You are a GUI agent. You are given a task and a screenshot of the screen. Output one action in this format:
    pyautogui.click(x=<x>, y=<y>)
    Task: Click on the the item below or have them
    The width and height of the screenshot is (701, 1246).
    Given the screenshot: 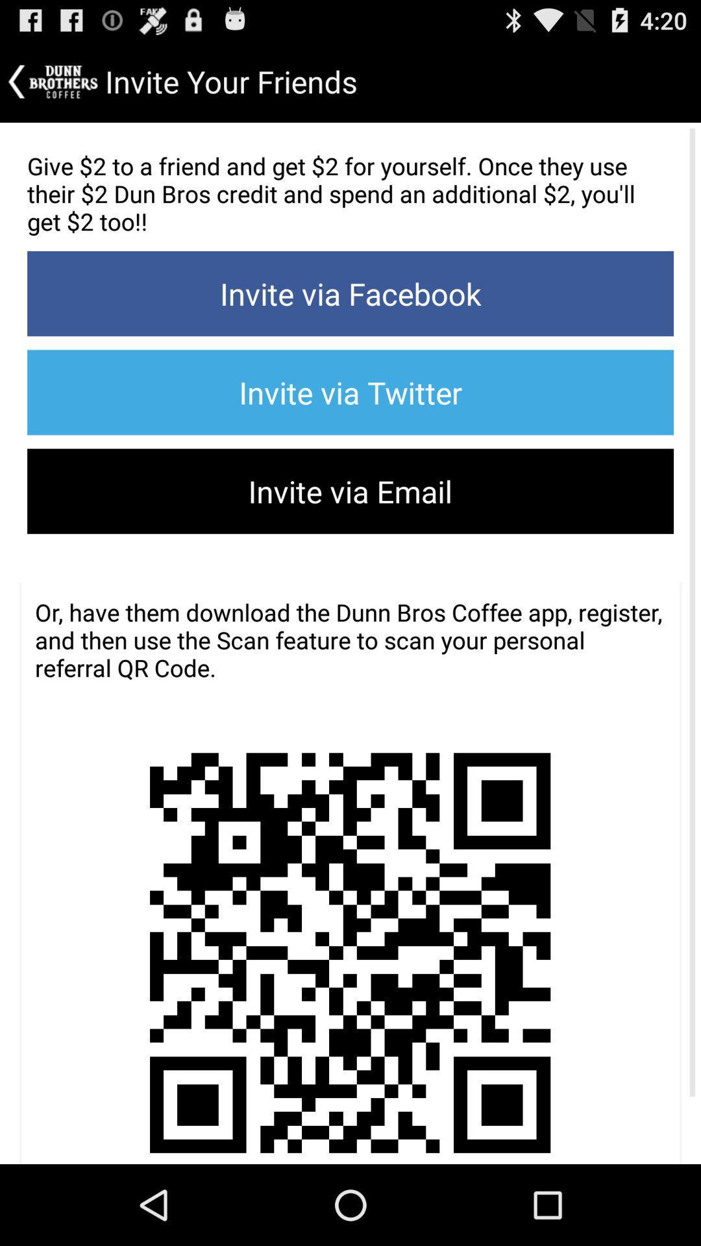 What is the action you would take?
    pyautogui.click(x=349, y=930)
    